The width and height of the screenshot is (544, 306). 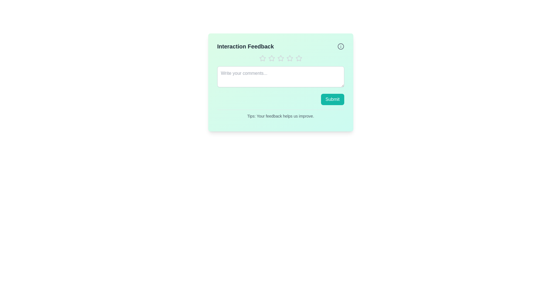 What do you see at coordinates (332, 99) in the screenshot?
I see `the submit button to submit feedback` at bounding box center [332, 99].